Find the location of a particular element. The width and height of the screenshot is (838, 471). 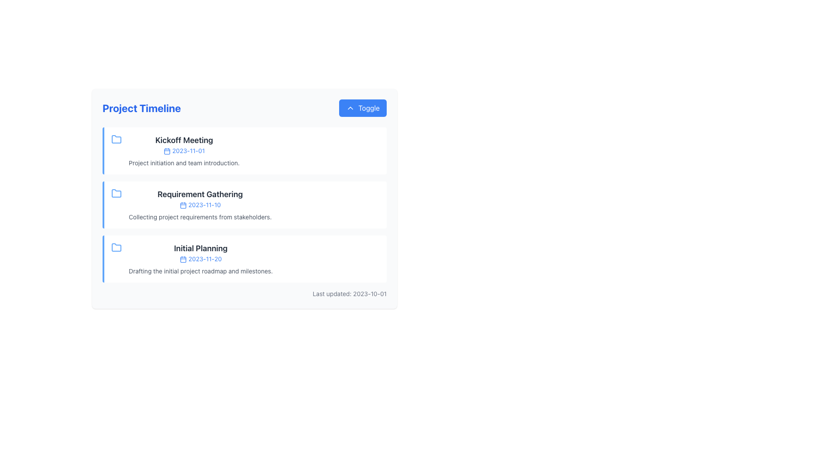

the folder icon, which is characterized by a blue outline and is located next to the 'Initial Planning' entry in the timeline list is located at coordinates (116, 247).